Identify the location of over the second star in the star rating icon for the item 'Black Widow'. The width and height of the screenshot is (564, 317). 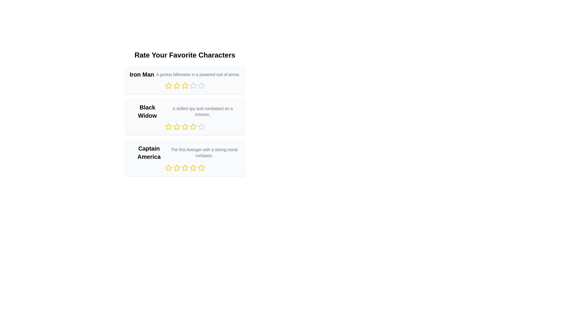
(176, 126).